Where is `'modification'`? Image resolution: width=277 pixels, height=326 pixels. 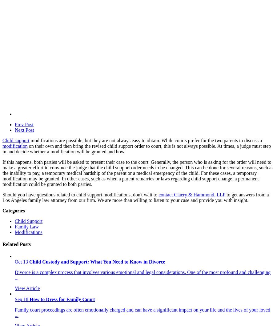 'modification' is located at coordinates (14, 146).